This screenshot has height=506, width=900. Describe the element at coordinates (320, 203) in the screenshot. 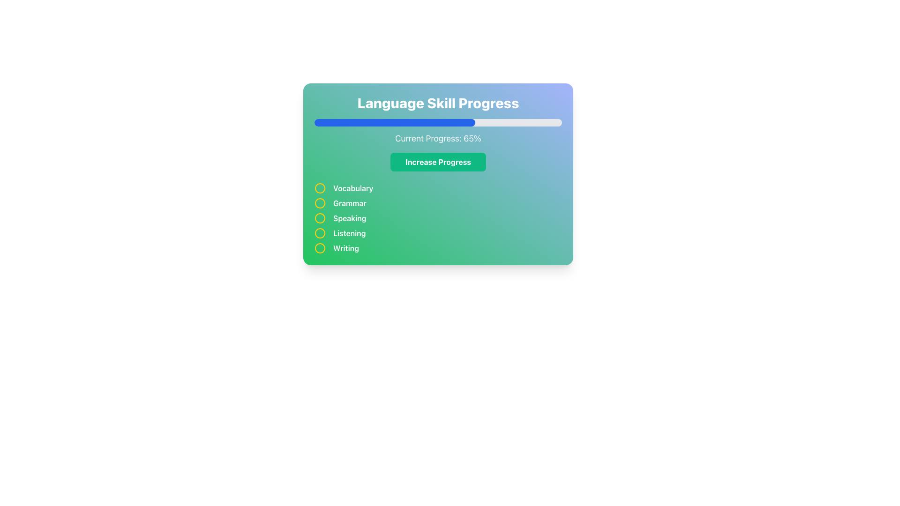

I see `the second circular icon with a yellow outline and transparent fill, located to the left of the 'Grammar' text in the vertically stacked list inside a green and blue gradient card` at that location.